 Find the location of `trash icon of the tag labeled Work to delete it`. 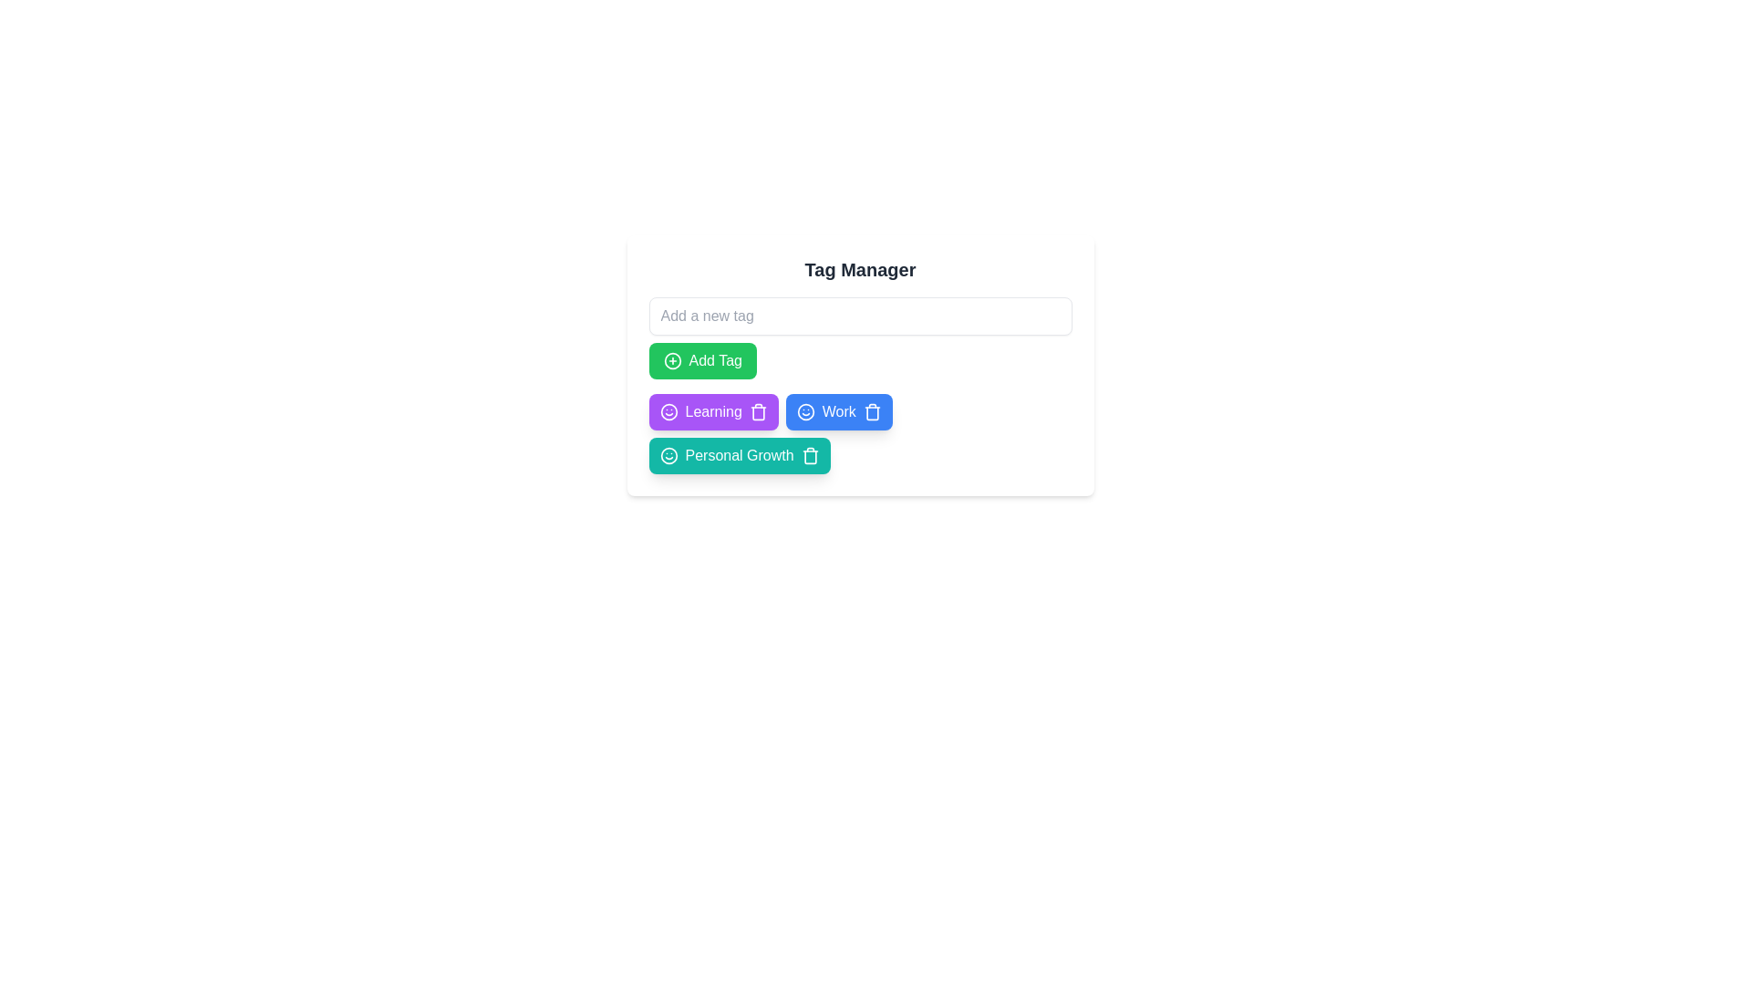

trash icon of the tag labeled Work to delete it is located at coordinates (871, 411).